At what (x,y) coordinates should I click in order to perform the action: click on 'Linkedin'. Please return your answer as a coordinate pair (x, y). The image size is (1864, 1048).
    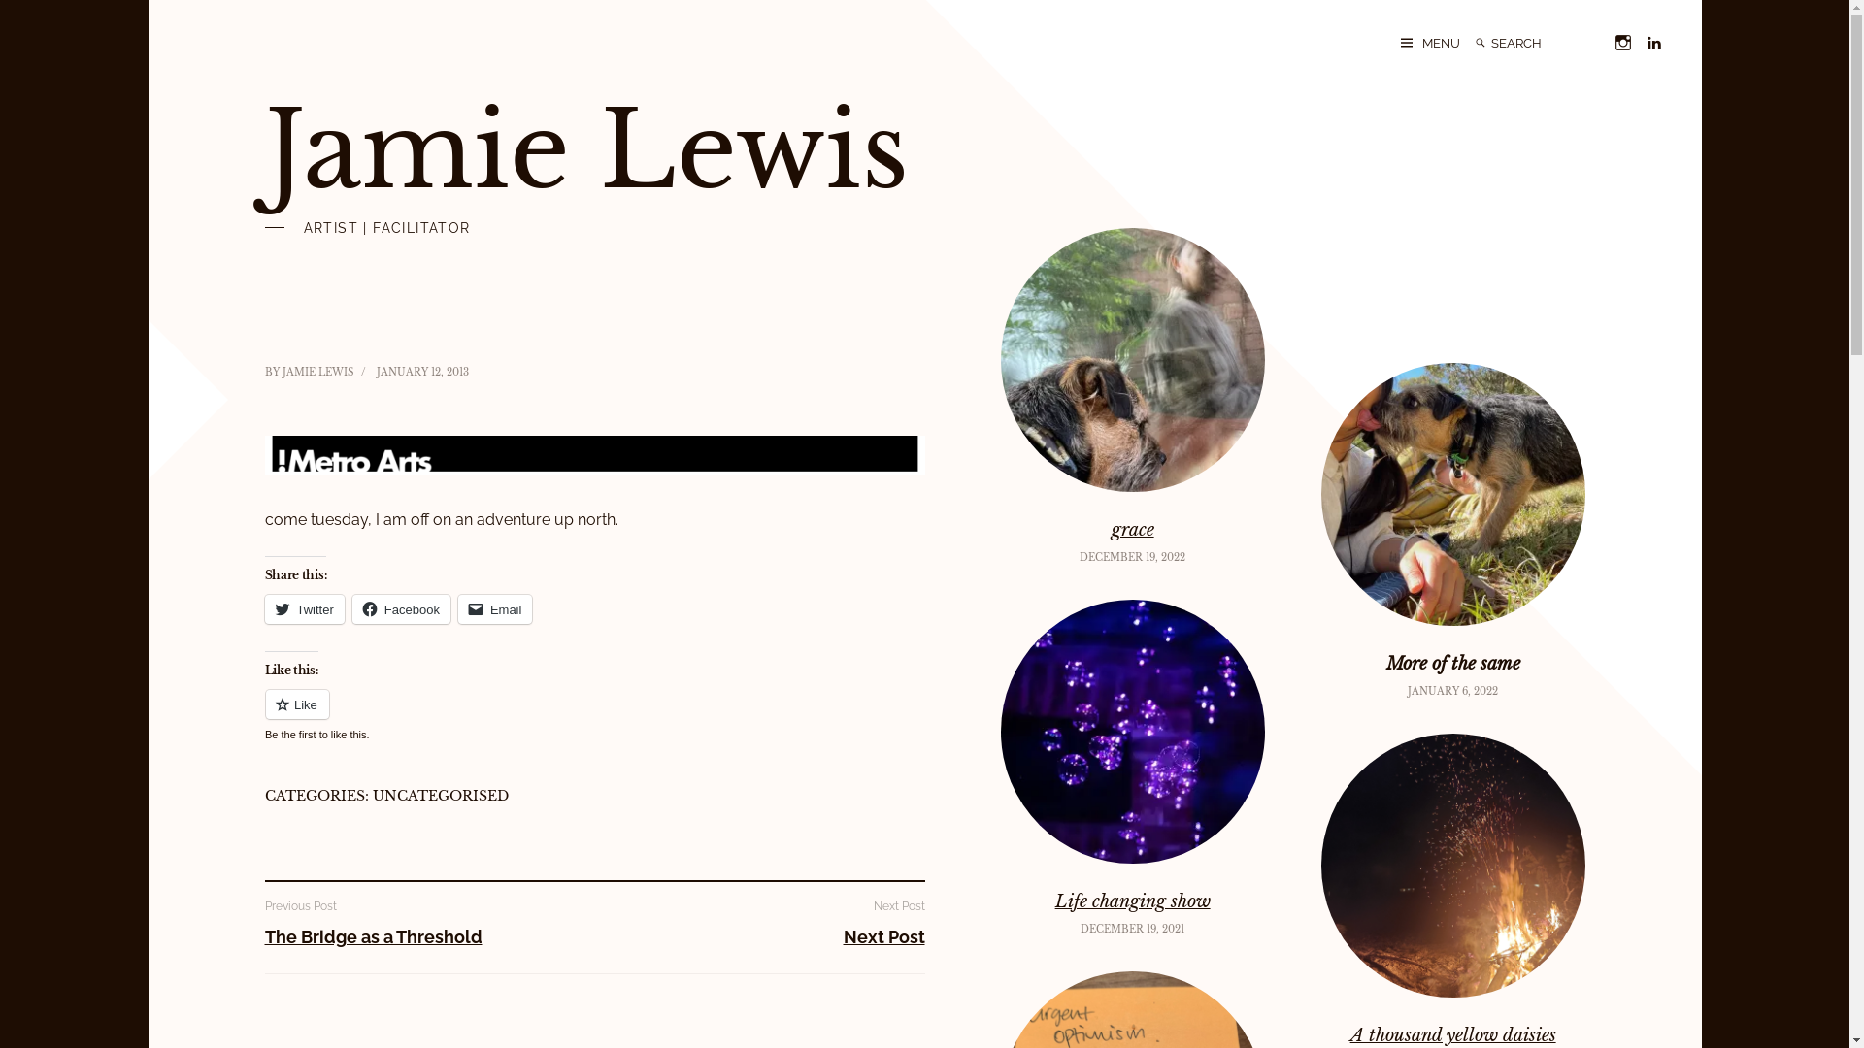
    Looking at the image, I should click on (1644, 41).